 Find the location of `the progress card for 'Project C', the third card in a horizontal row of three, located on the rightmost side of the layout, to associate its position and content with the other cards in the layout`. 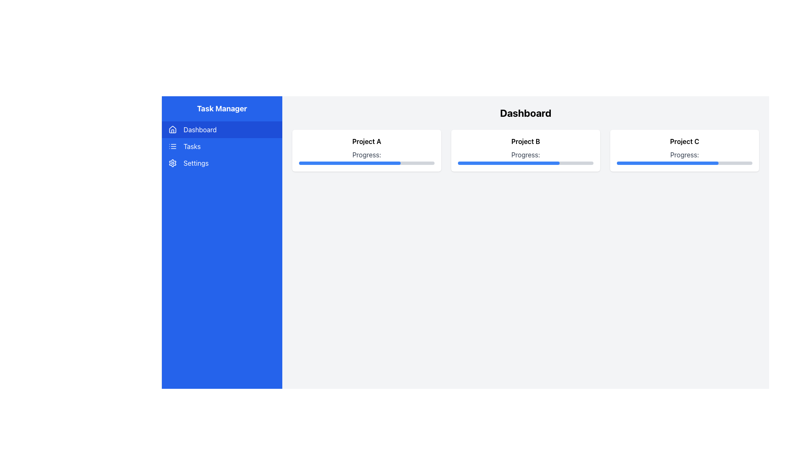

the progress card for 'Project C', the third card in a horizontal row of three, located on the rightmost side of the layout, to associate its position and content with the other cards in the layout is located at coordinates (684, 150).